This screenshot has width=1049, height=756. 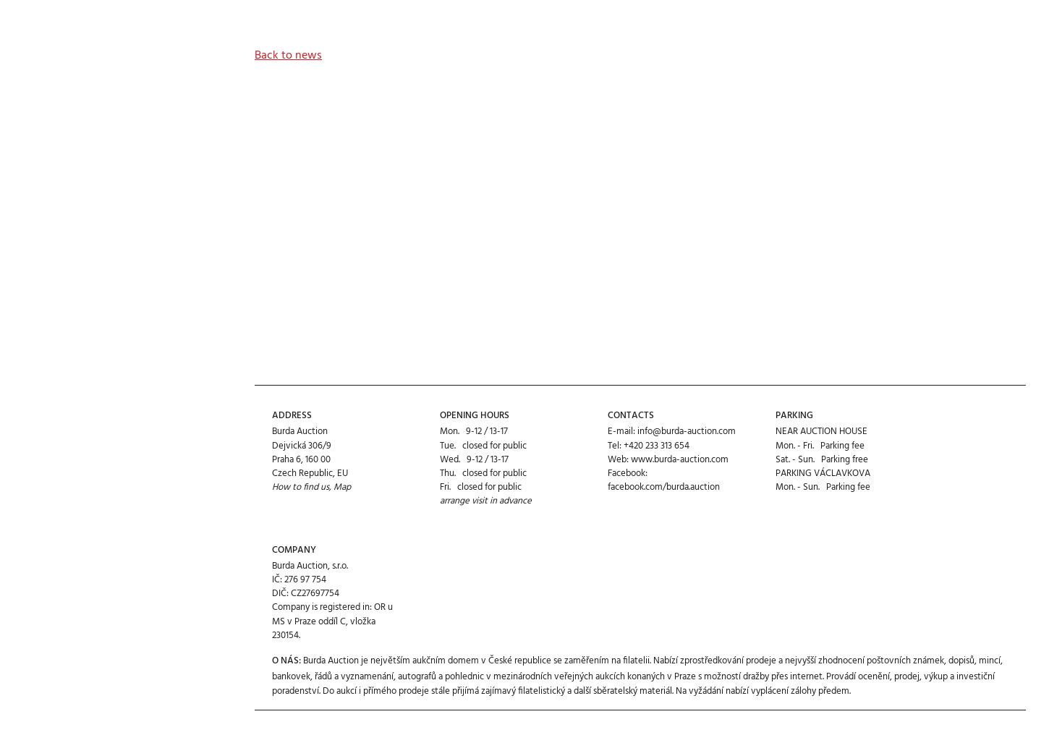 I want to click on 'Tue.   closed for public', so click(x=438, y=393).